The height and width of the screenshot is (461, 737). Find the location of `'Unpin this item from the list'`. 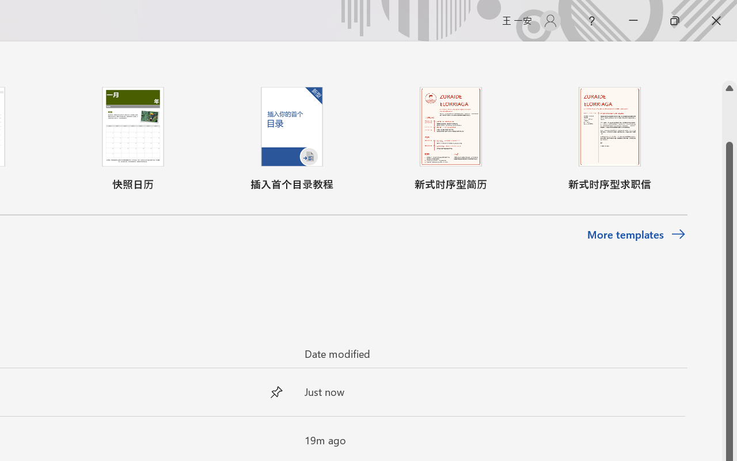

'Unpin this item from the list' is located at coordinates (276, 392).